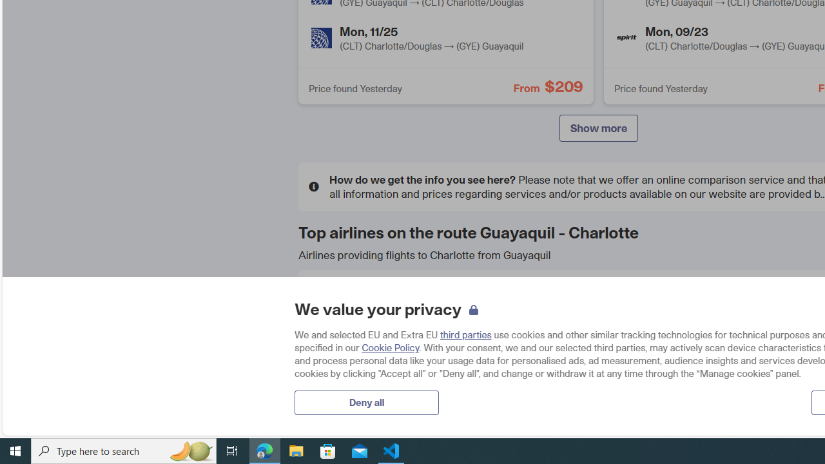 Image resolution: width=825 pixels, height=464 pixels. What do you see at coordinates (365, 401) in the screenshot?
I see `'Deny all'` at bounding box center [365, 401].